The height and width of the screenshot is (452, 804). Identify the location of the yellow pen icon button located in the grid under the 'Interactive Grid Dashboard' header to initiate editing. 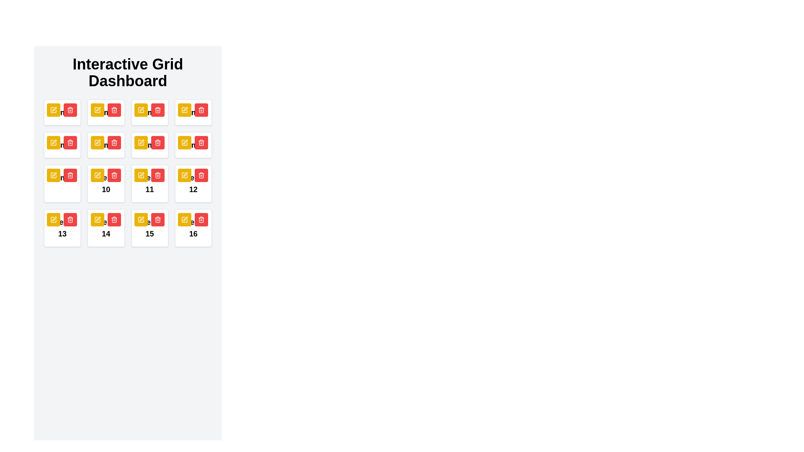
(141, 175).